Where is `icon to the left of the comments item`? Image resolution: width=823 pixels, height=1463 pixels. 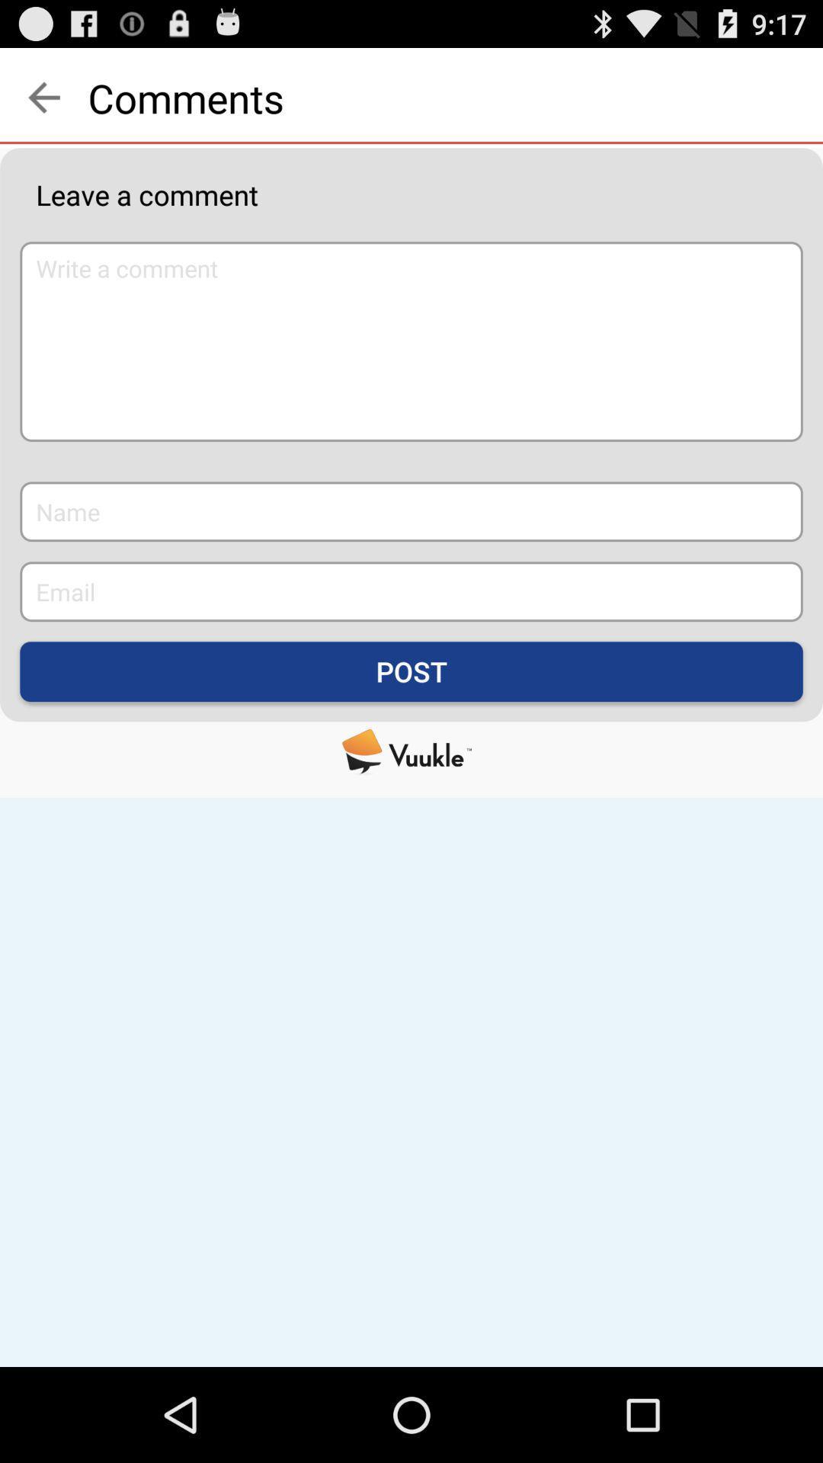
icon to the left of the comments item is located at coordinates (43, 97).